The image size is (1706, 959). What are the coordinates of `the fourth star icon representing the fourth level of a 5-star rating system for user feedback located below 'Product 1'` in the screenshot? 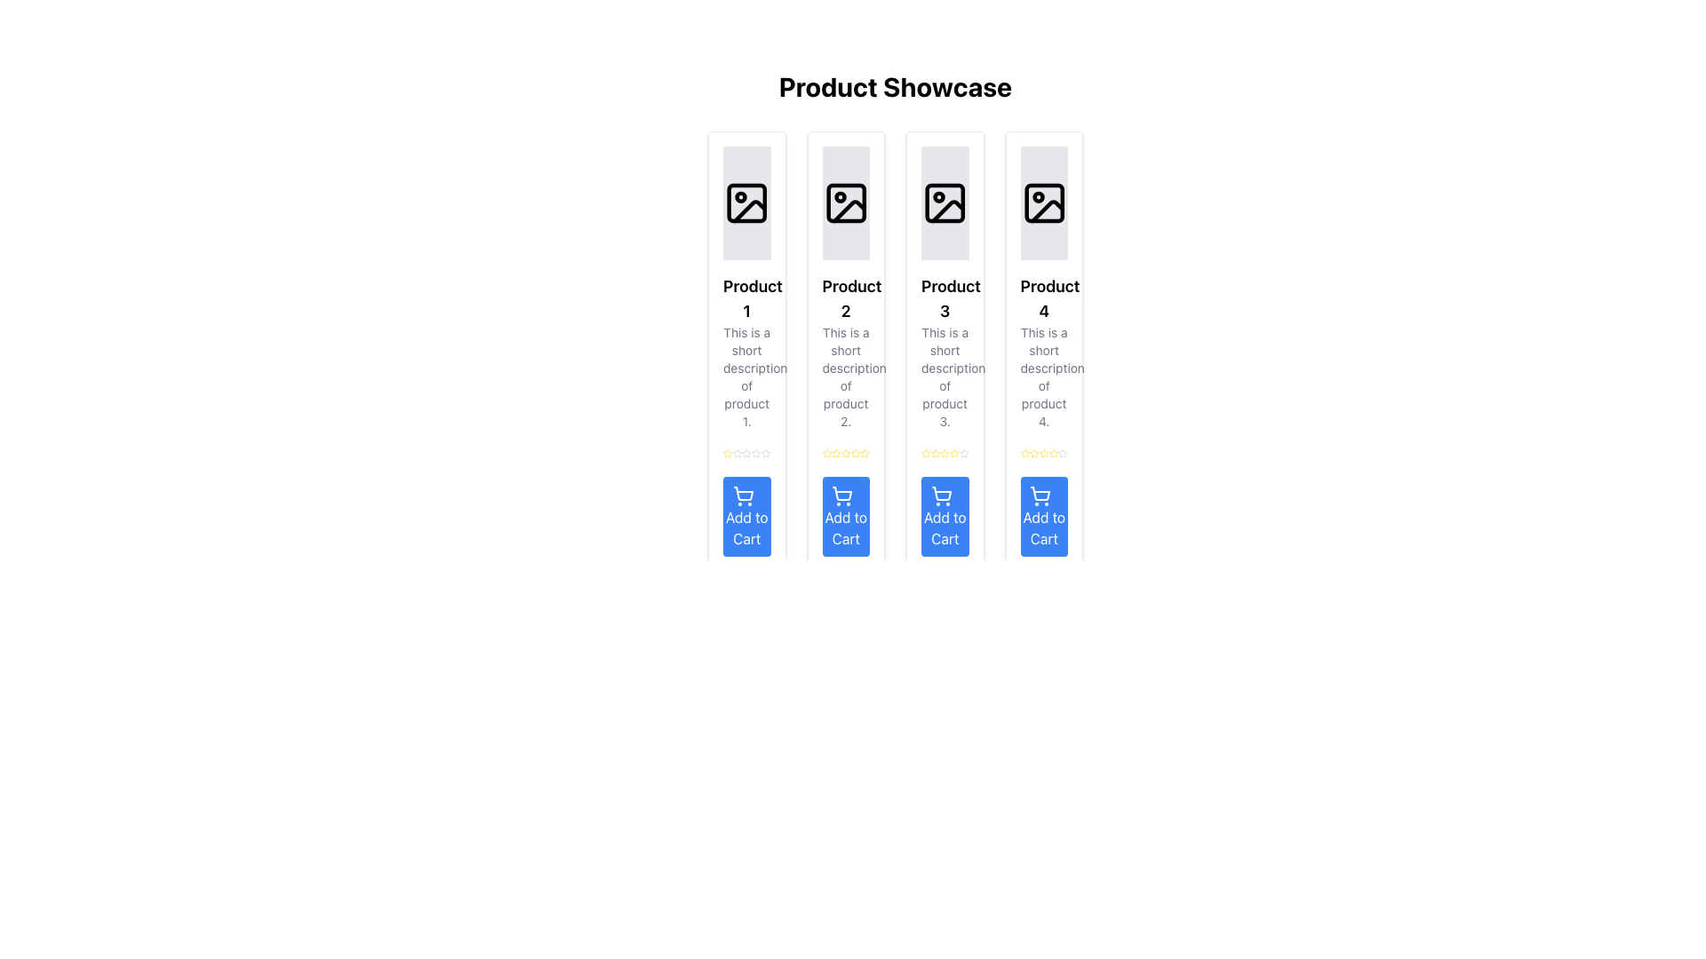 It's located at (746, 452).